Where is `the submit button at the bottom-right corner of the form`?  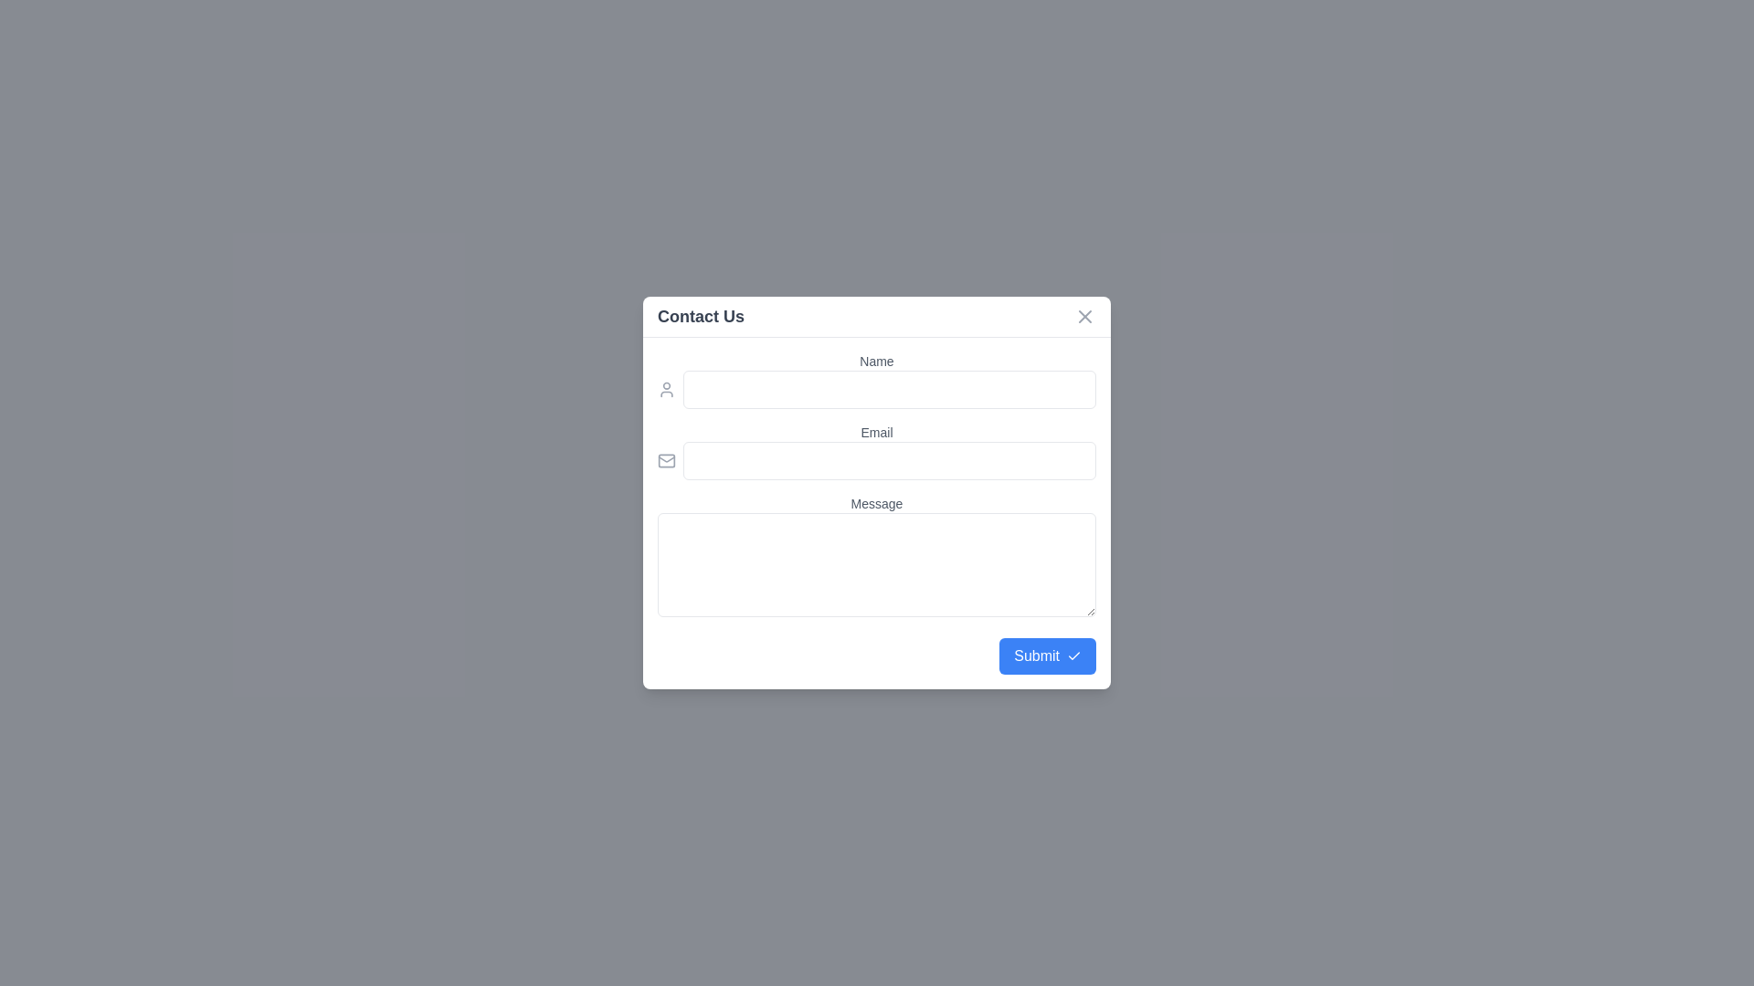
the submit button at the bottom-right corner of the form is located at coordinates (1048, 655).